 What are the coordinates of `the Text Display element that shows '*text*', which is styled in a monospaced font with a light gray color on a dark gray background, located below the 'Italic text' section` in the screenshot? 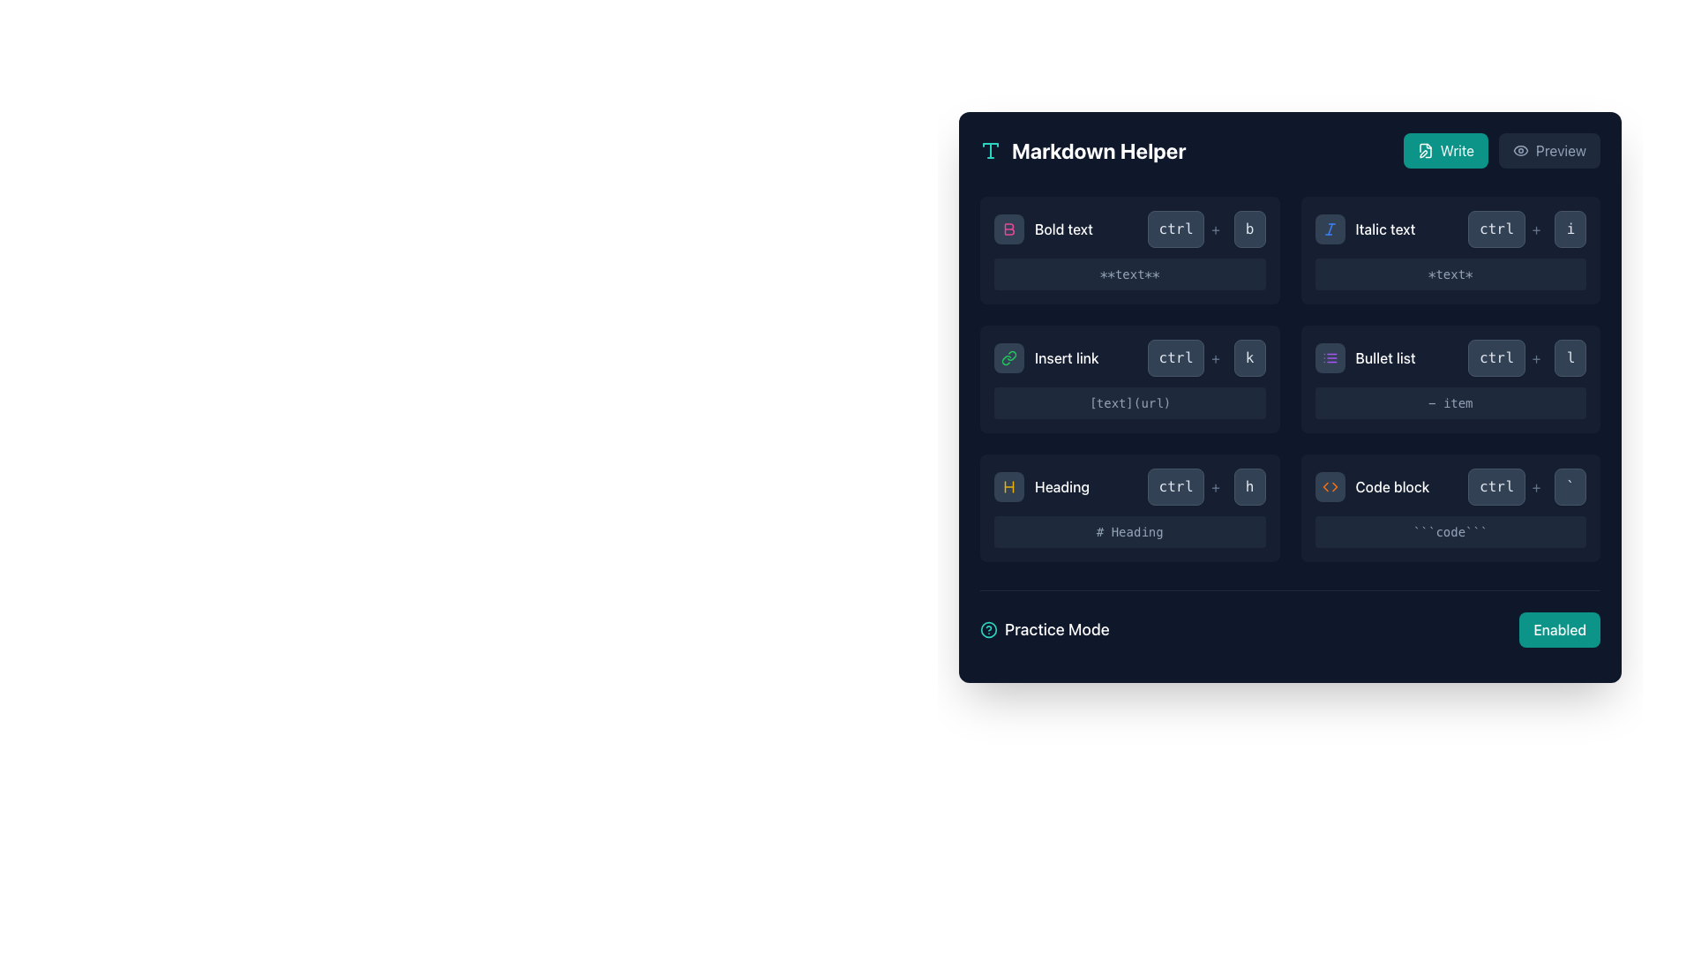 It's located at (1450, 274).